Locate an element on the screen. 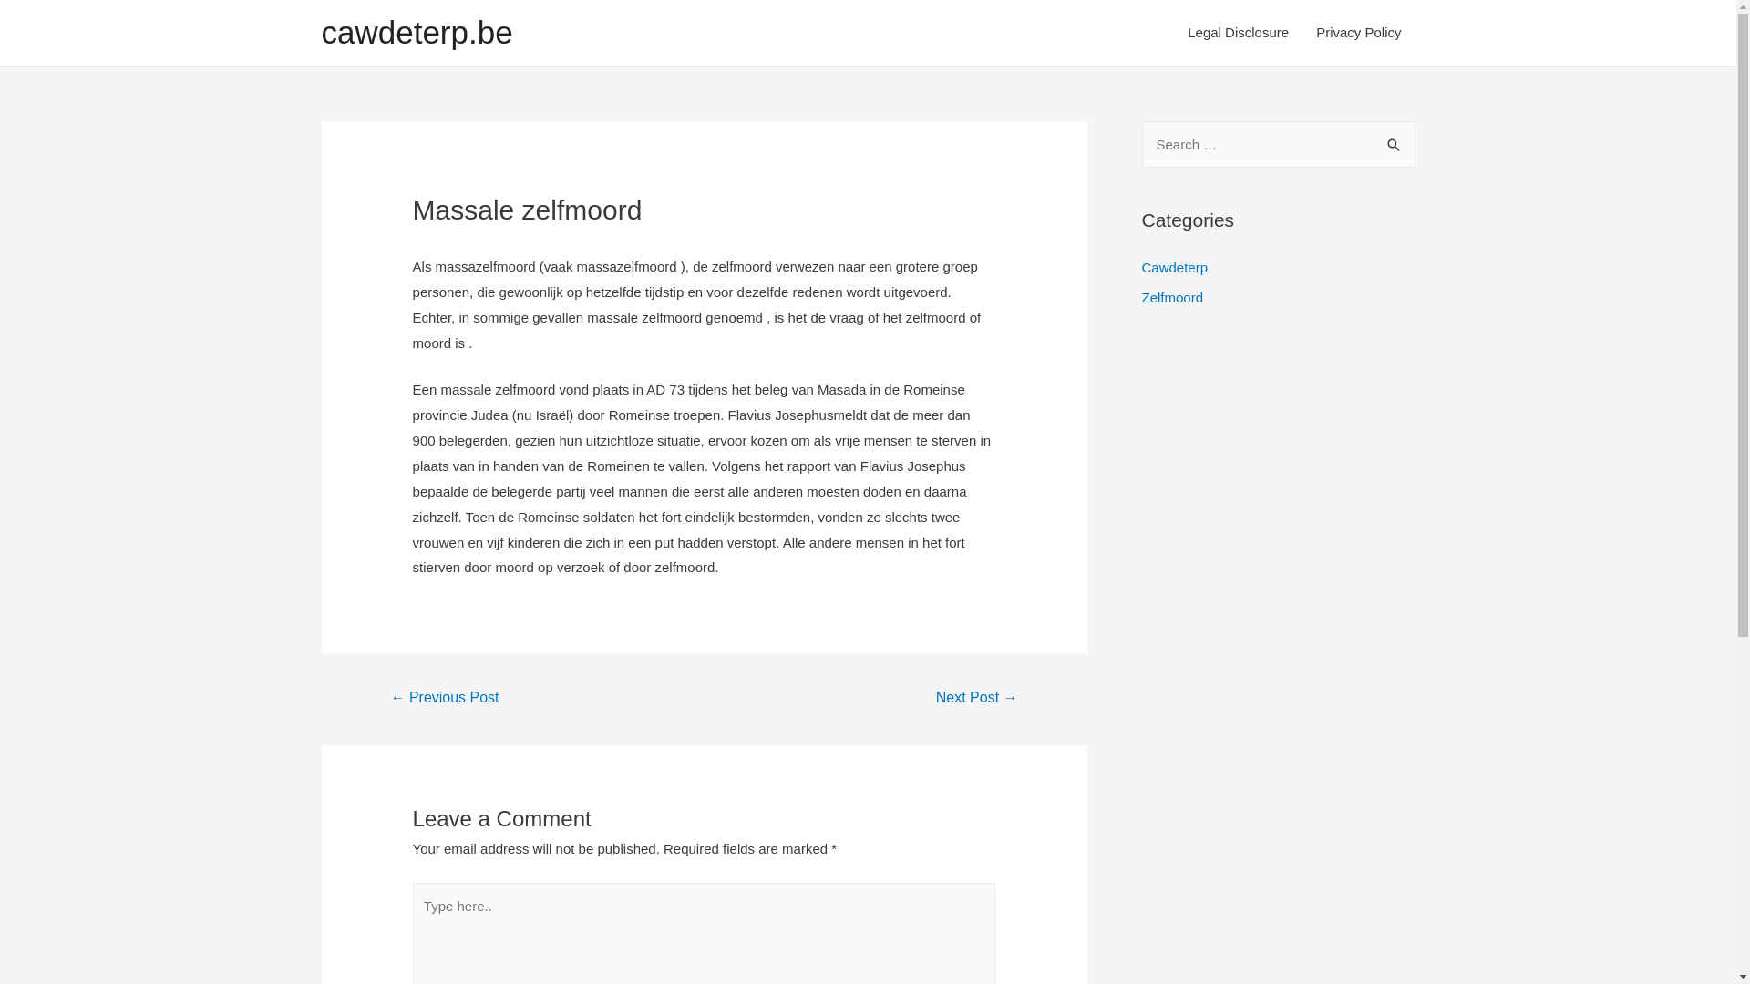  'cawdeterp.be' is located at coordinates (320, 32).